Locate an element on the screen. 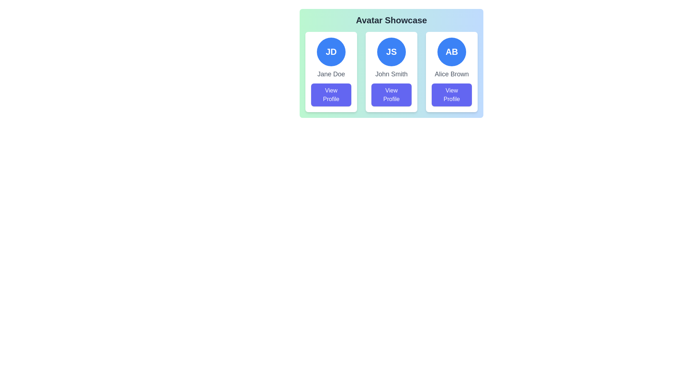 Image resolution: width=689 pixels, height=387 pixels. the text label displaying 'Jane Doe', which is styled with a medium-sized gray font and positioned between the avatar 'JD' and the 'View Profile' button is located at coordinates (331, 74).